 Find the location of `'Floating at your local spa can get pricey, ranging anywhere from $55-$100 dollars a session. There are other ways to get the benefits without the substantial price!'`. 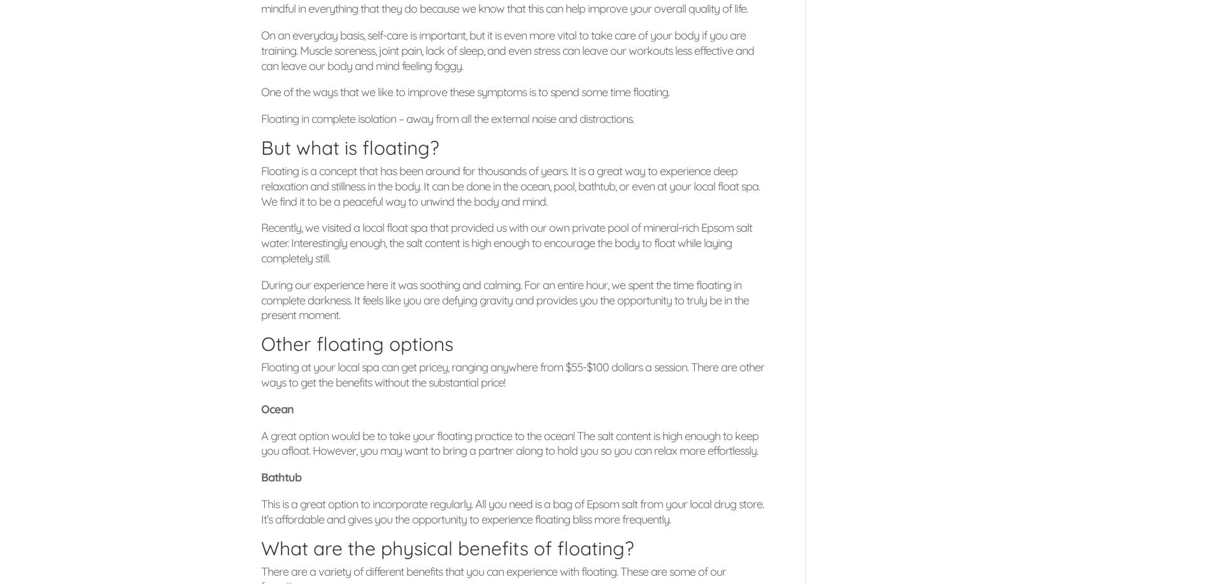

'Floating at your local spa can get pricey, ranging anywhere from $55-$100 dollars a session. There are other ways to get the benefits without the substantial price!' is located at coordinates (512, 374).